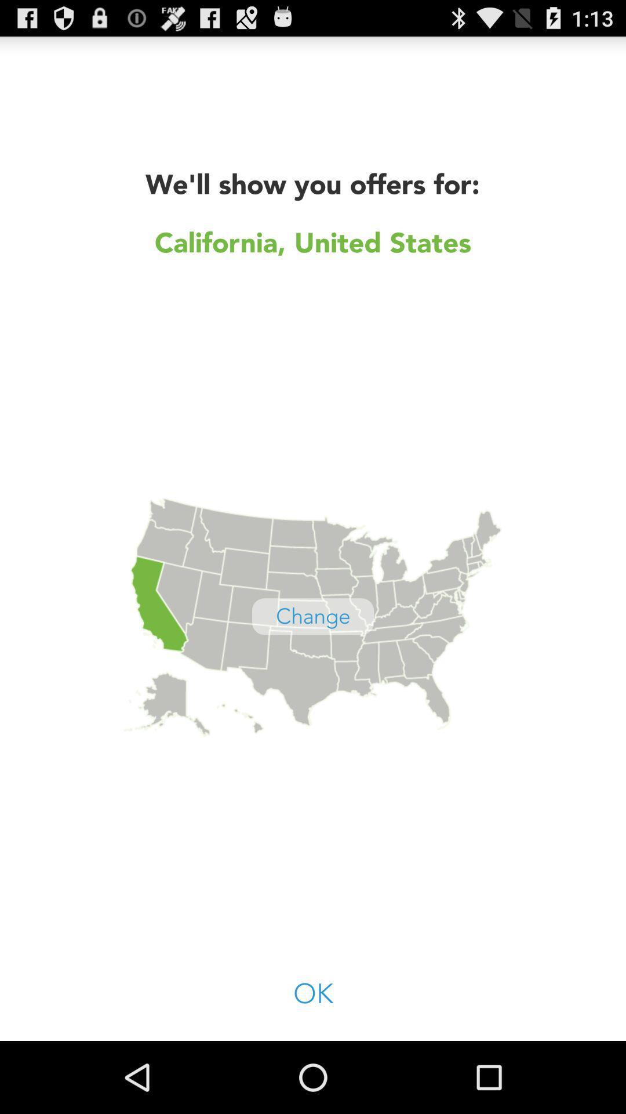  I want to click on the app below california, united states icon, so click(313, 616).